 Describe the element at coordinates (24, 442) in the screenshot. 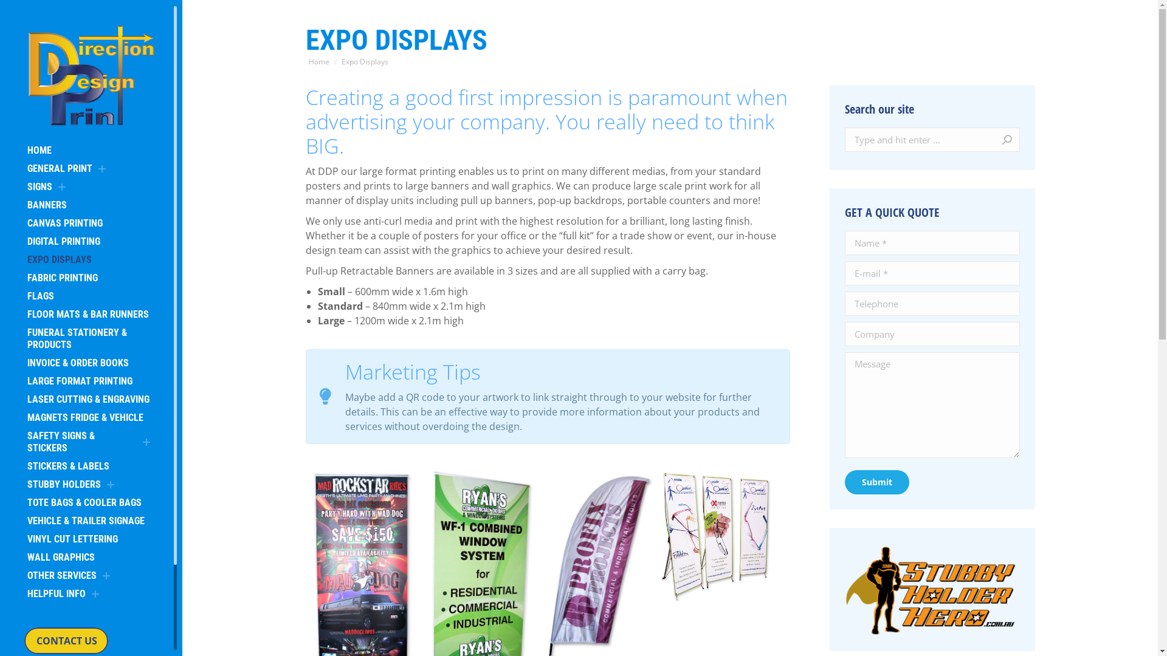

I see `'SAFETY SIGNS & STICKERS'` at that location.